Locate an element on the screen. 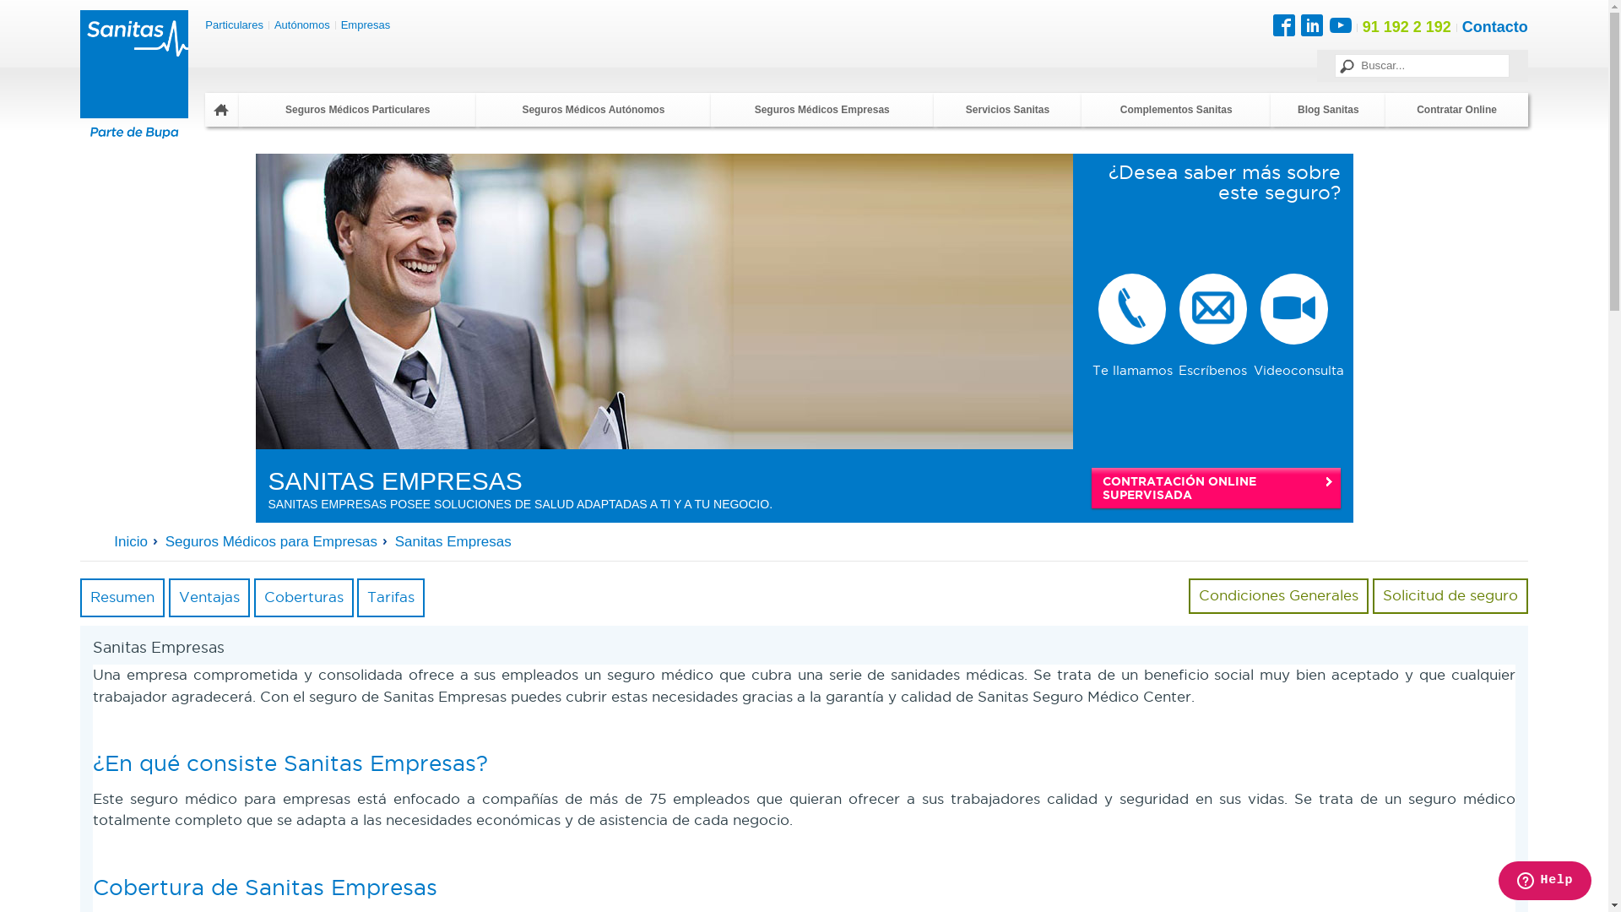  'Solicitud de seguro' is located at coordinates (1450, 594).